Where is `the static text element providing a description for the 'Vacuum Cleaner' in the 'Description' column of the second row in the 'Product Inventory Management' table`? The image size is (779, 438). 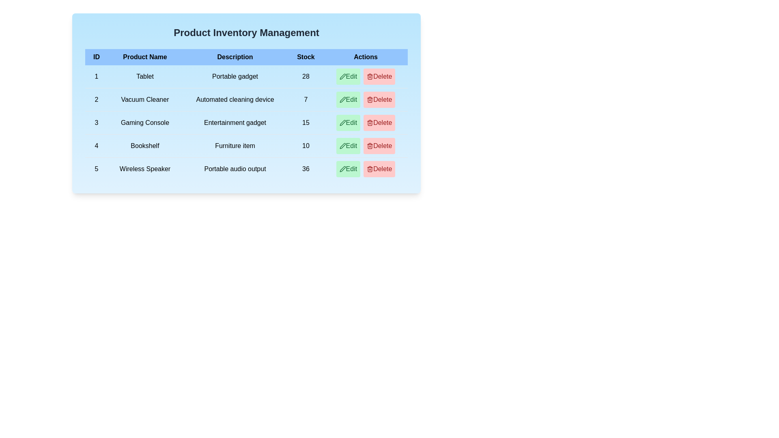 the static text element providing a description for the 'Vacuum Cleaner' in the 'Description' column of the second row in the 'Product Inventory Management' table is located at coordinates (235, 99).